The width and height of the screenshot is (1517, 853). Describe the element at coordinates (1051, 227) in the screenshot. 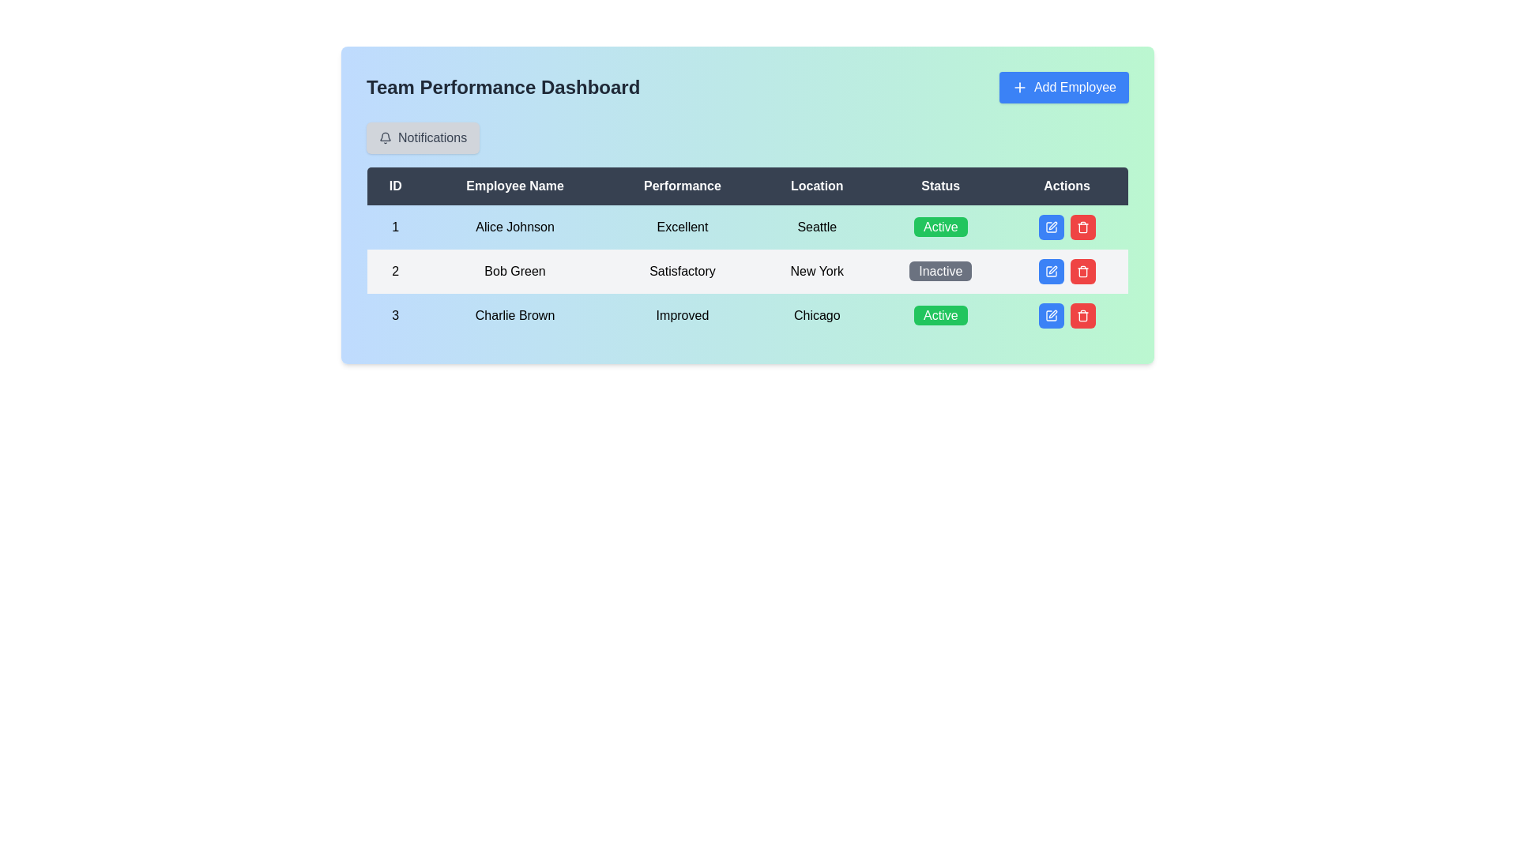

I see `the edit icon button in the Actions column of the second row for Bob Green` at that location.